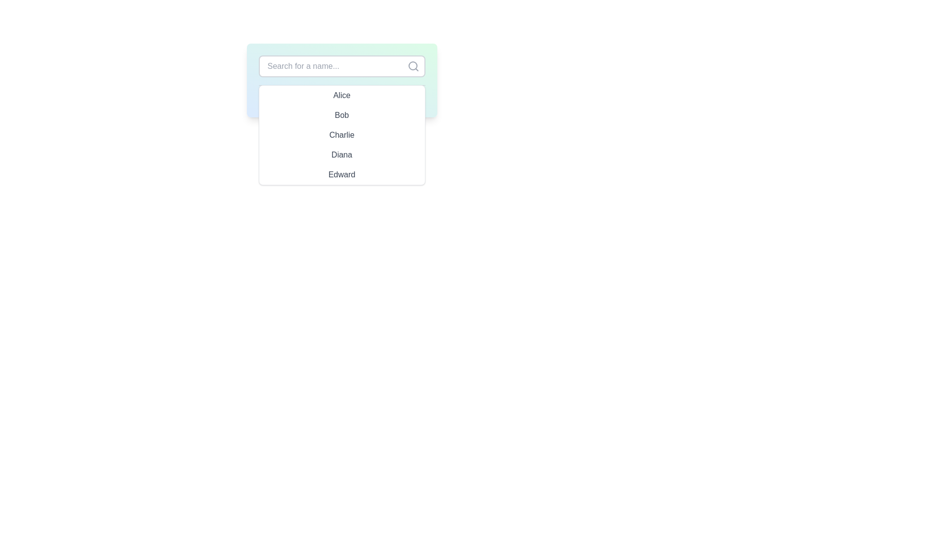 The width and height of the screenshot is (952, 535). What do you see at coordinates (342, 95) in the screenshot?
I see `the first item in the drop-down menu` at bounding box center [342, 95].